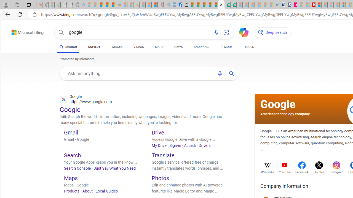 The image size is (353, 198). Describe the element at coordinates (114, 168) in the screenshot. I see `'Just Say What You Need'` at that location.